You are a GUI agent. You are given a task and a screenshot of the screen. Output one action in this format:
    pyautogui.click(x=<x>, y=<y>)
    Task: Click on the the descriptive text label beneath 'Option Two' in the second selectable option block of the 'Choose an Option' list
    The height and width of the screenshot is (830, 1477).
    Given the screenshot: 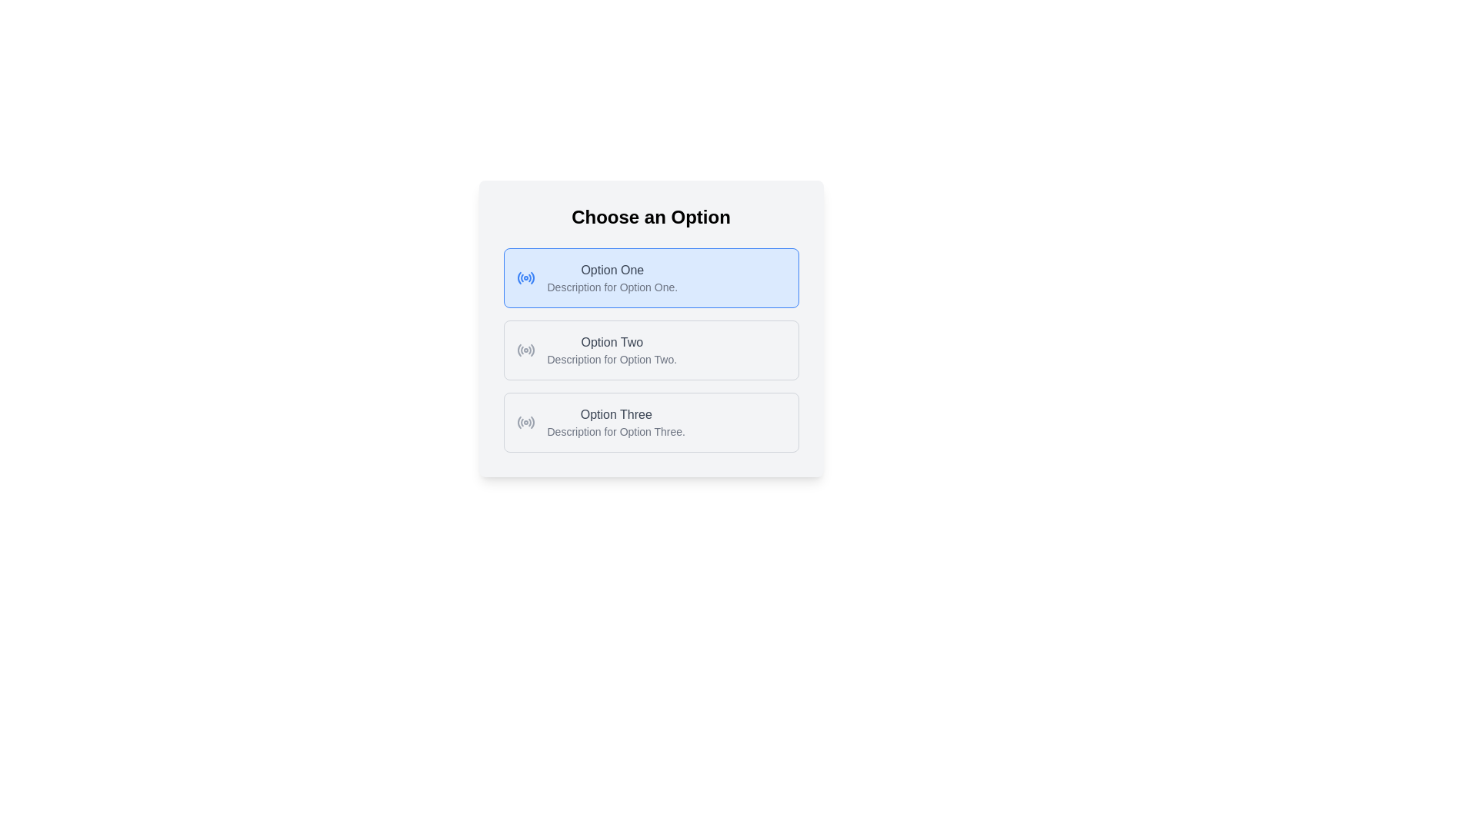 What is the action you would take?
    pyautogui.click(x=611, y=359)
    